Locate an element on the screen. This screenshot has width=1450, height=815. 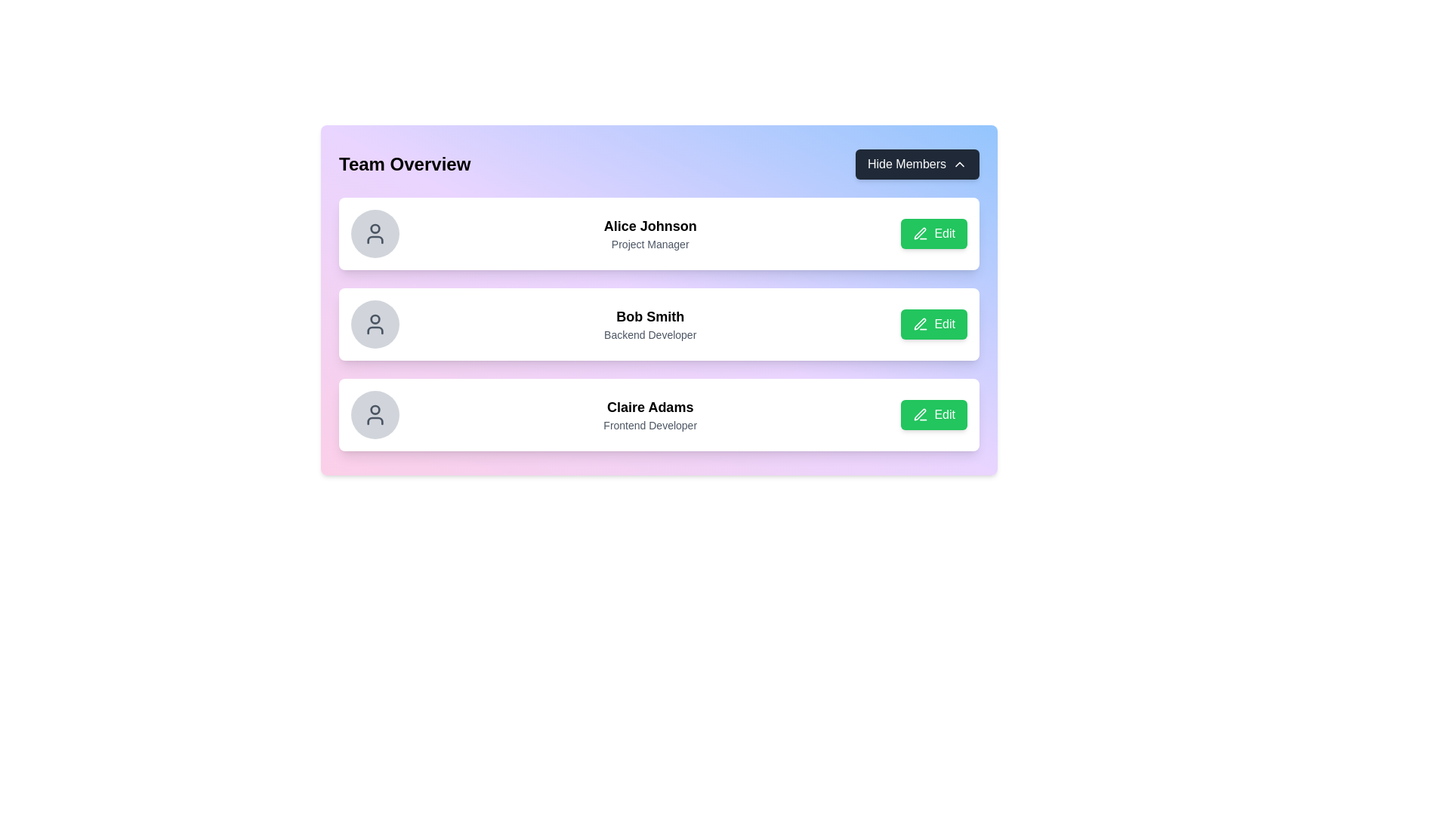
the team member details element for 'Bob Smith' is located at coordinates (659, 323).